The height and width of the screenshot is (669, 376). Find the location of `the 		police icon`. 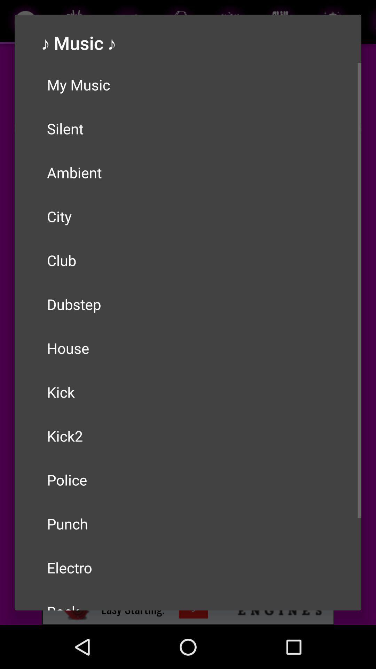

the 		police icon is located at coordinates (188, 479).